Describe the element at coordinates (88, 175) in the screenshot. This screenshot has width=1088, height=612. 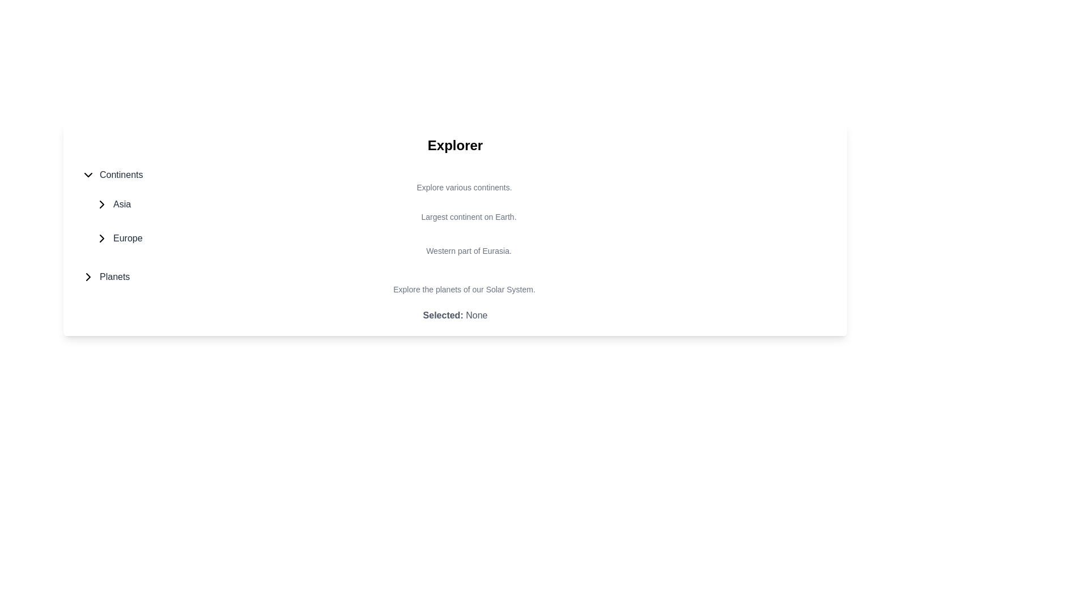
I see `the downward-pointing chevron-style icon located to the left of the 'Continents' text label` at that location.